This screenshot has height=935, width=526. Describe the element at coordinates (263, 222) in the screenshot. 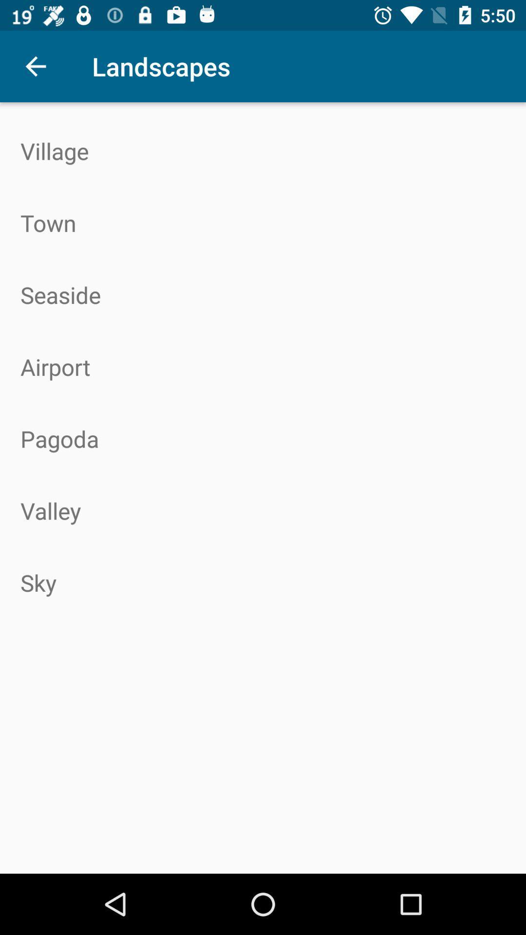

I see `the town` at that location.